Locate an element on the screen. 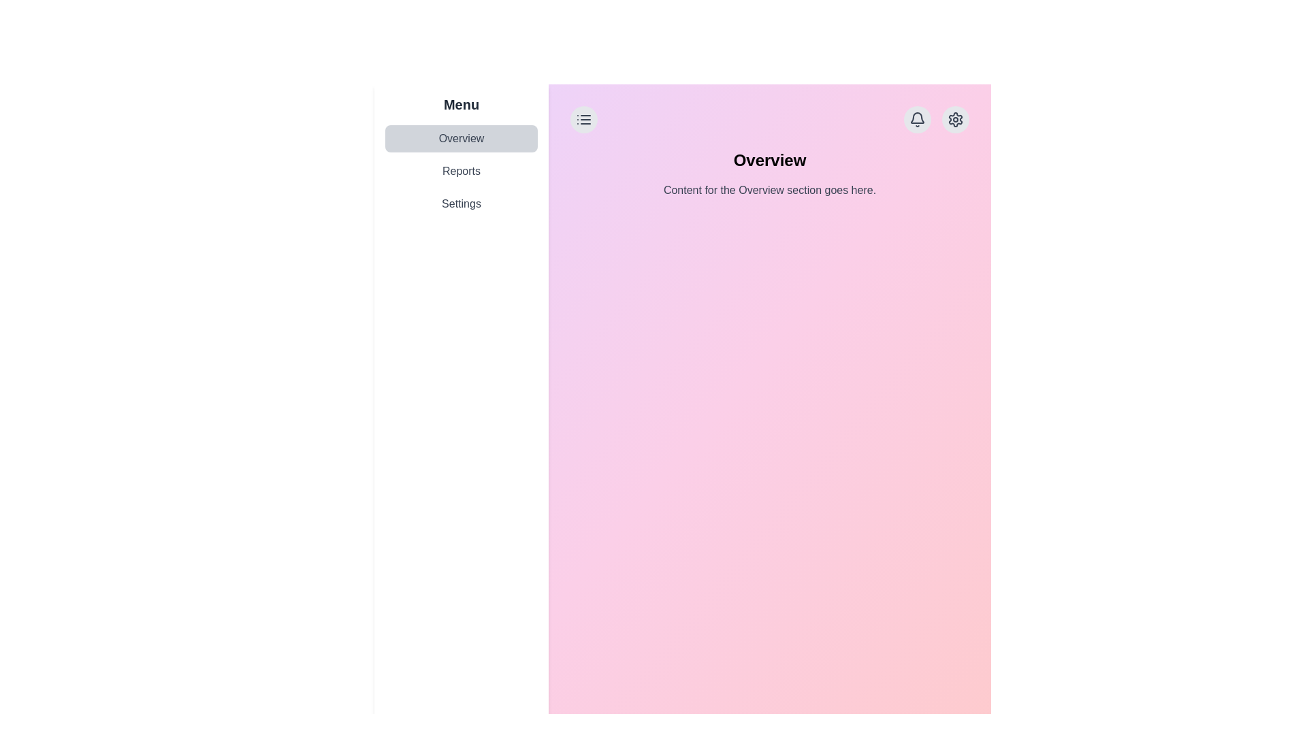  the 'Reports' button, which is the second item in the vertical list under the 'Menu' section on the left side of the interface, to change its background color is located at coordinates (461, 170).